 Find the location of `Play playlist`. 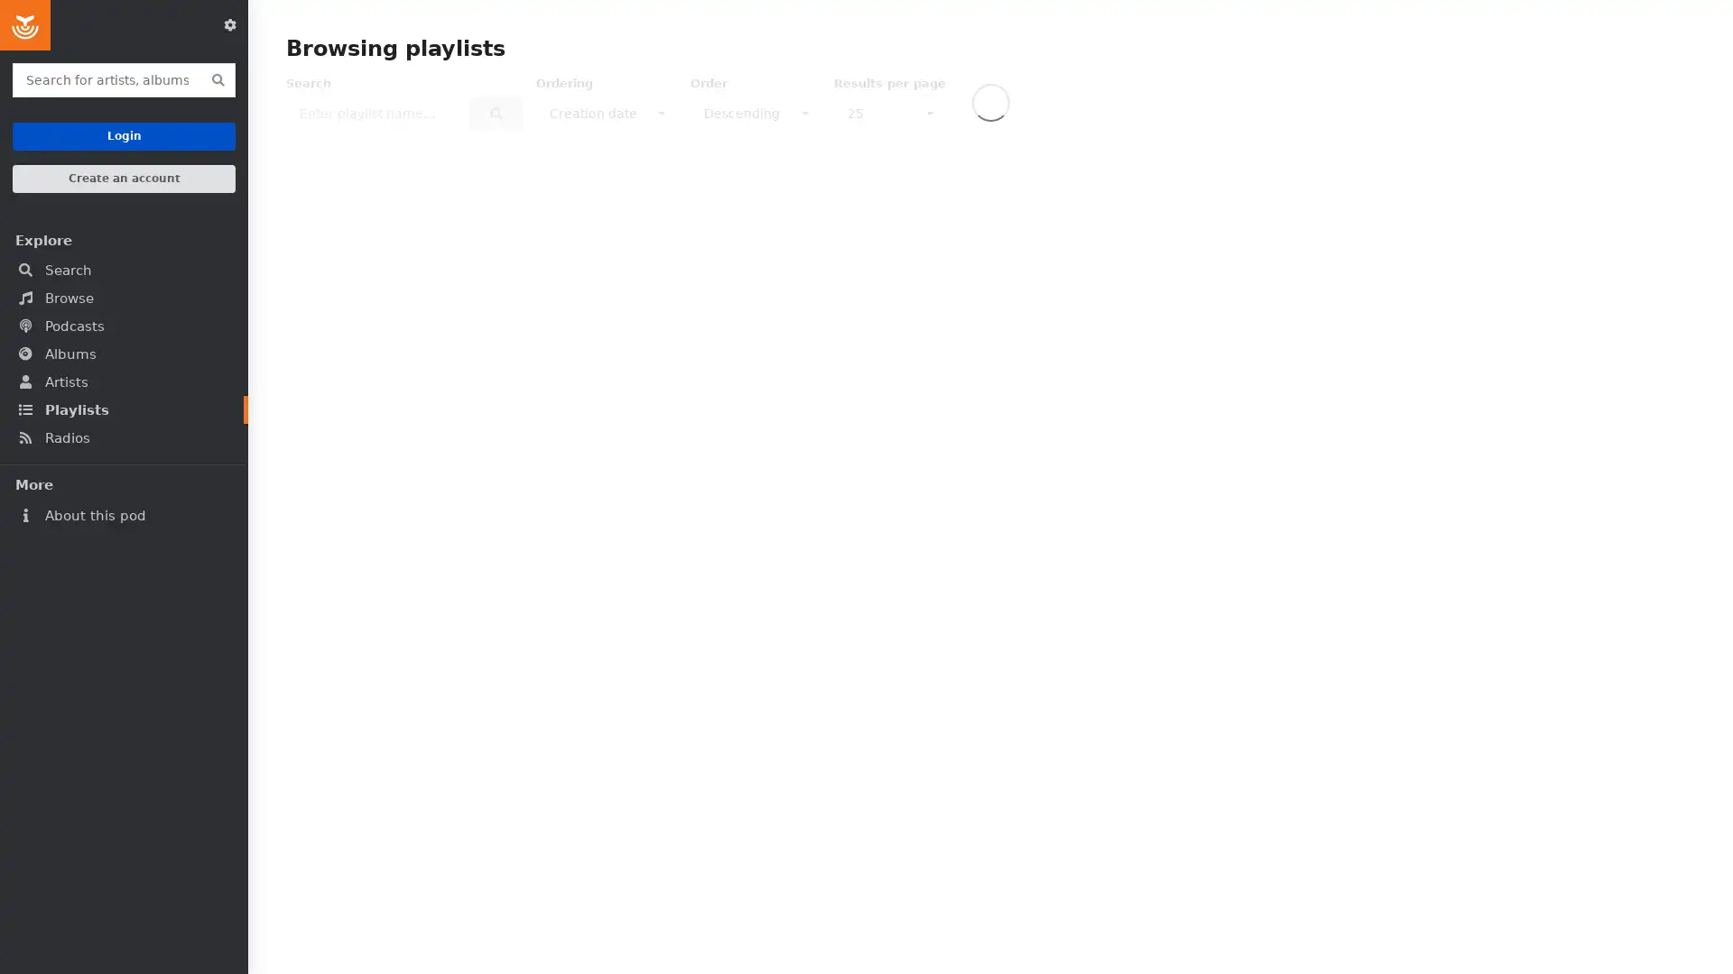

Play playlist is located at coordinates (437, 308).